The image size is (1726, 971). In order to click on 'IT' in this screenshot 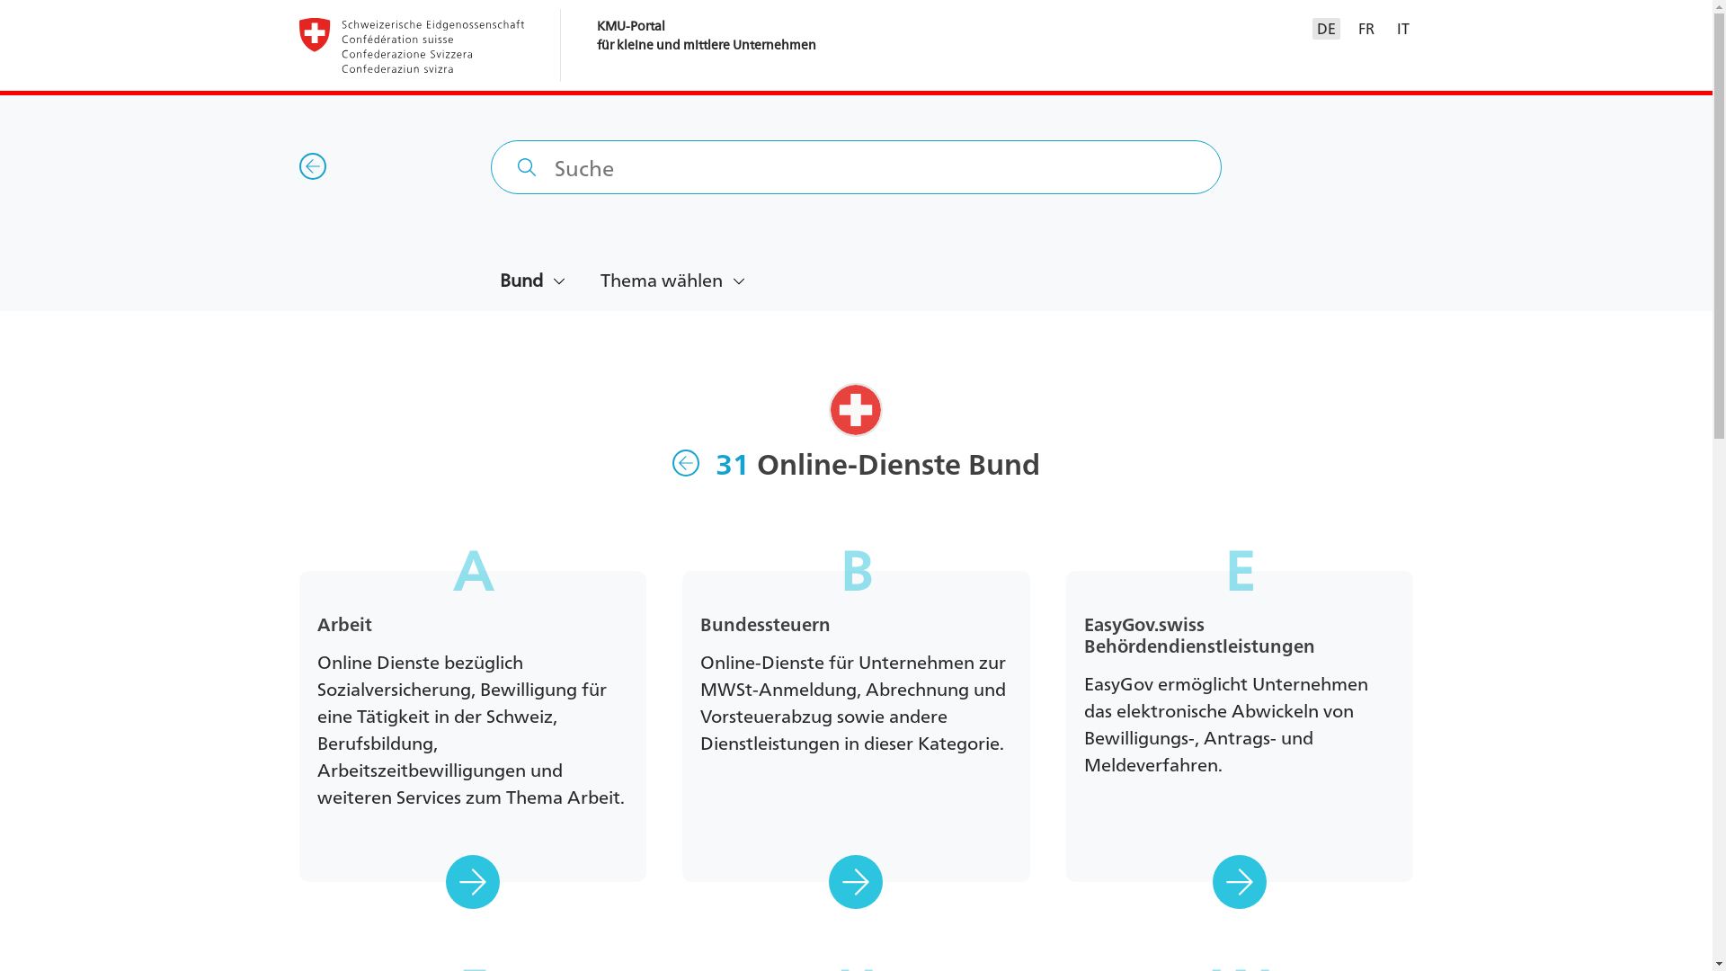, I will do `click(1401, 28)`.